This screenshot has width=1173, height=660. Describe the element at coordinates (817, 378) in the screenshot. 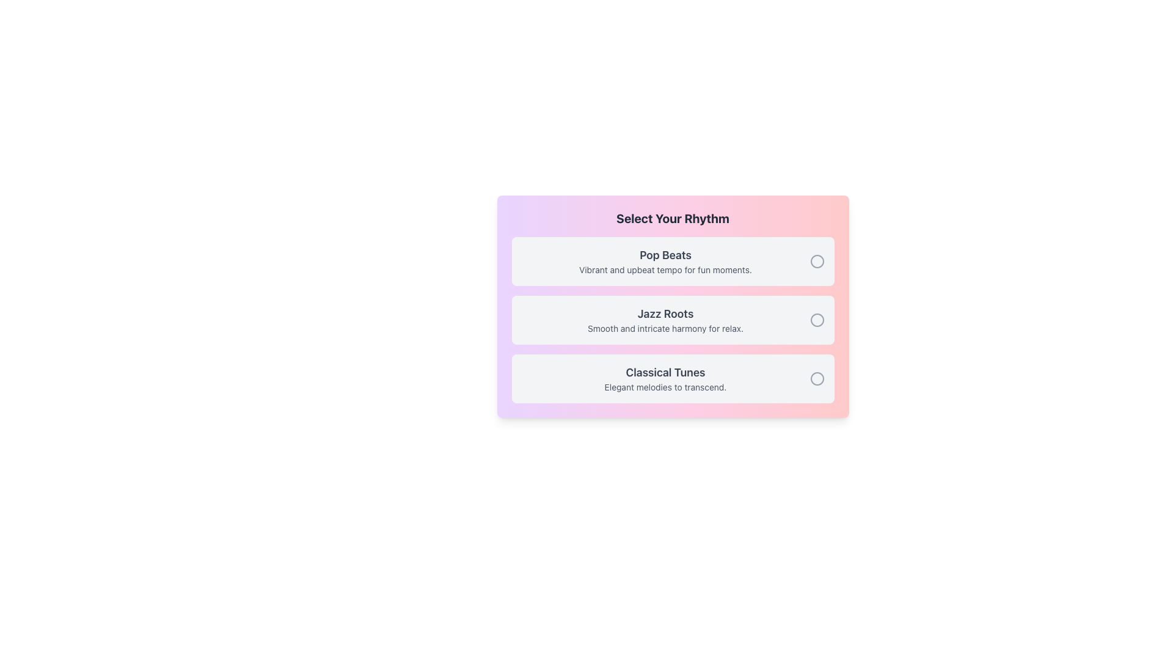

I see `the circular radio button styled with a gray border located to the far right of the 'Classical Tunes' selection box` at that location.